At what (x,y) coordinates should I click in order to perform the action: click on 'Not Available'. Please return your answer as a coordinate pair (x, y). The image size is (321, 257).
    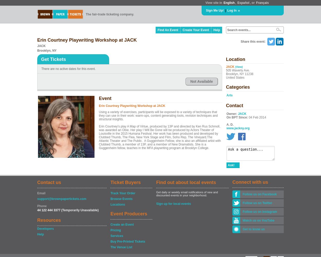
    Looking at the image, I should click on (202, 81).